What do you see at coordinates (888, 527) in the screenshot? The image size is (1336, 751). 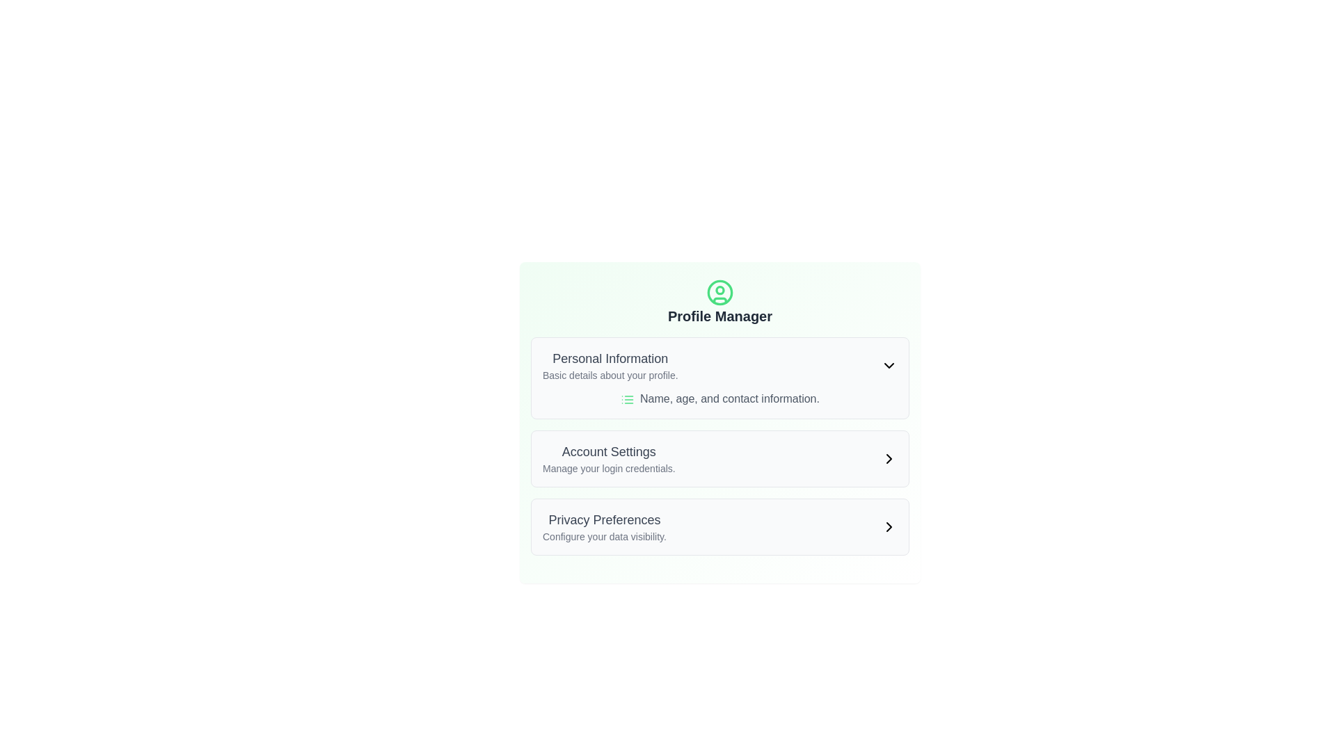 I see `the Chevron Icon (SVG) located in the 'Privacy Preferences' section of the 'Profile Manager' interface` at bounding box center [888, 527].